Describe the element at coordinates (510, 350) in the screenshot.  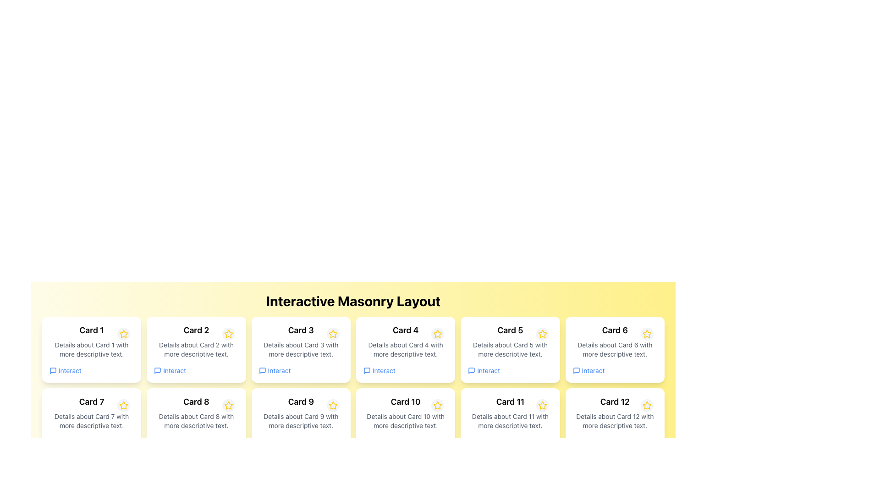
I see `the text block that provides contextual information for 'Card 5', located in the fifth column of the first row, below the card's title and above its interactive link` at that location.